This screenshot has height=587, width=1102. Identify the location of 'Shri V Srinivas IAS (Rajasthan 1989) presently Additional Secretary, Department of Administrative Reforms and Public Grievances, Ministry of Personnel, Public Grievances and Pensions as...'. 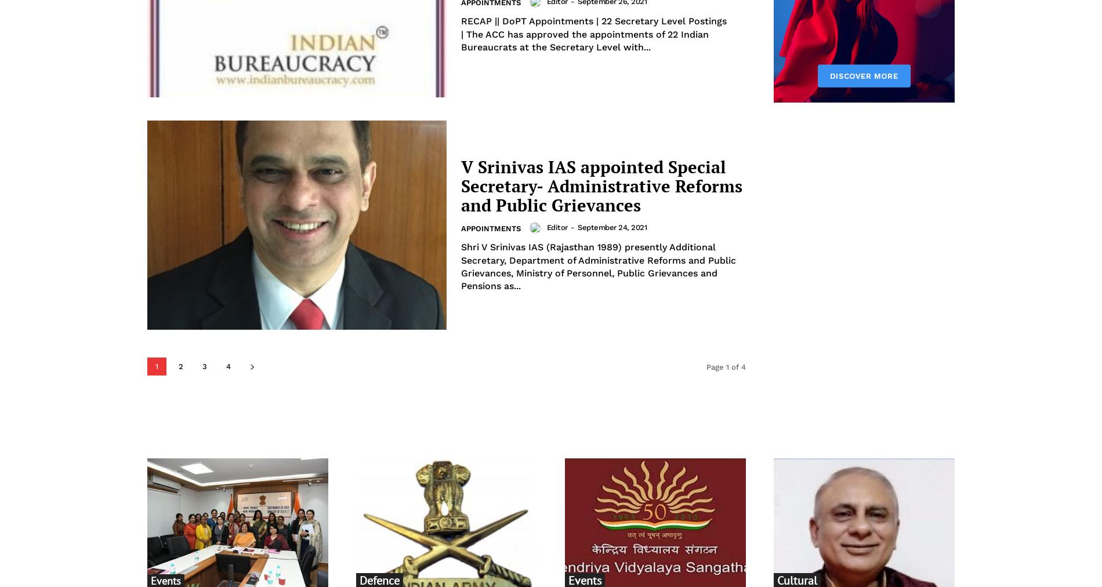
(599, 266).